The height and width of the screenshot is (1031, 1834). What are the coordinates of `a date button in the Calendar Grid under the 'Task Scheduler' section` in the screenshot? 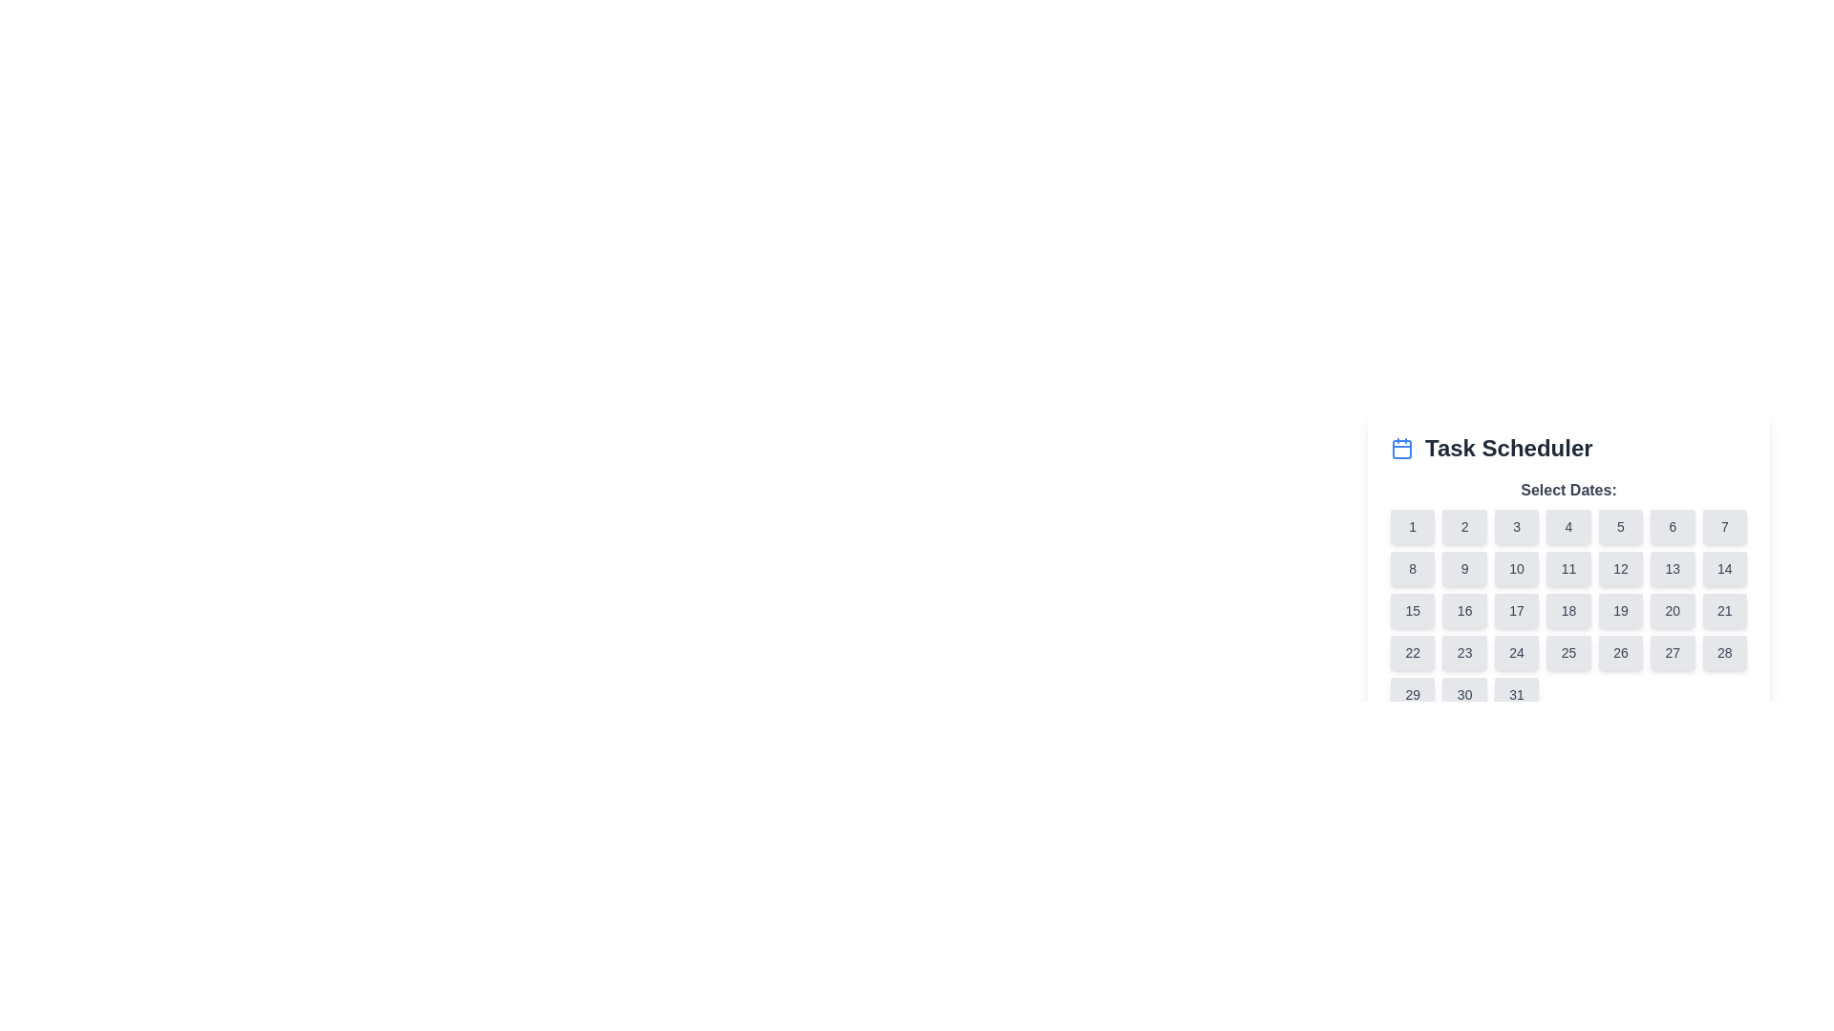 It's located at (1568, 638).